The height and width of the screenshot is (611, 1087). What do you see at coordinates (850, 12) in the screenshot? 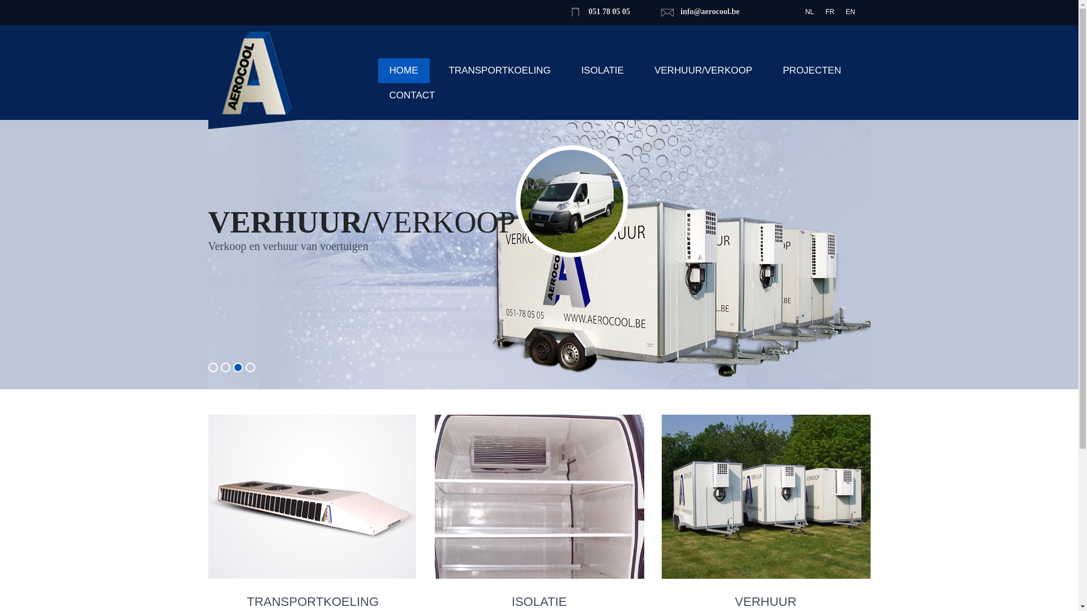
I see `'EN'` at bounding box center [850, 12].